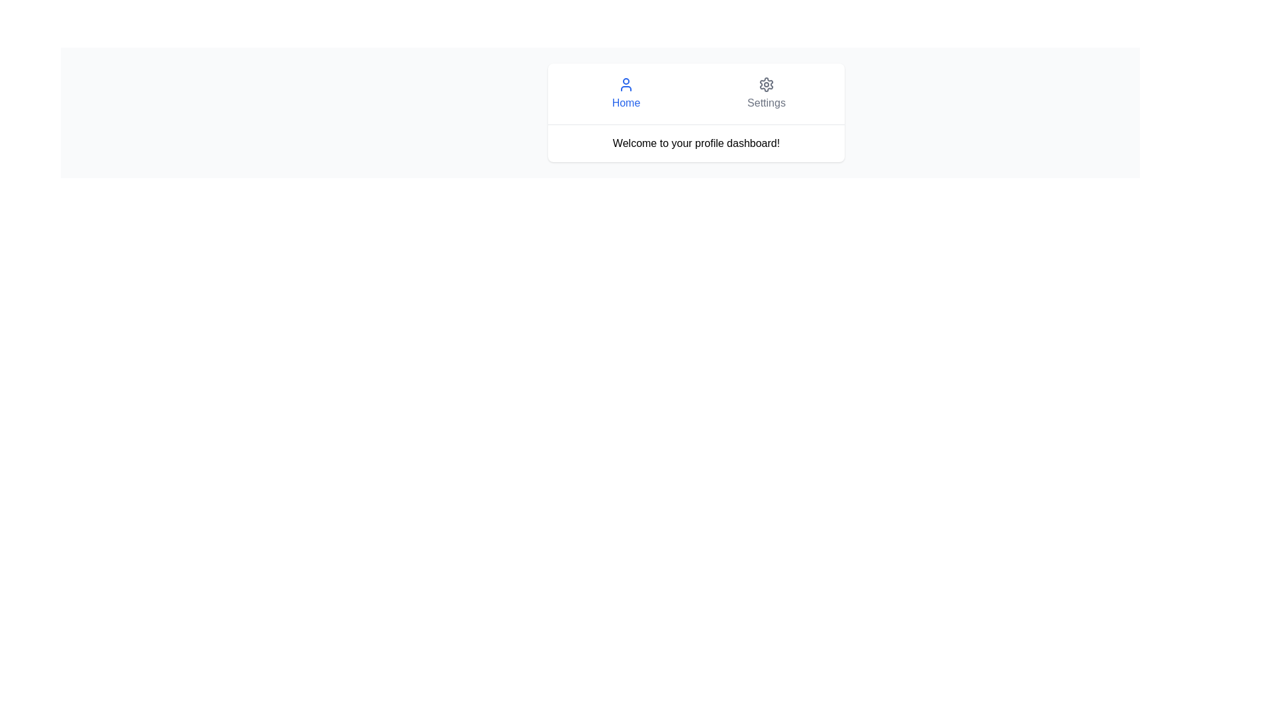  Describe the element at coordinates (766, 84) in the screenshot. I see `the gear-shaped icon representing settings` at that location.